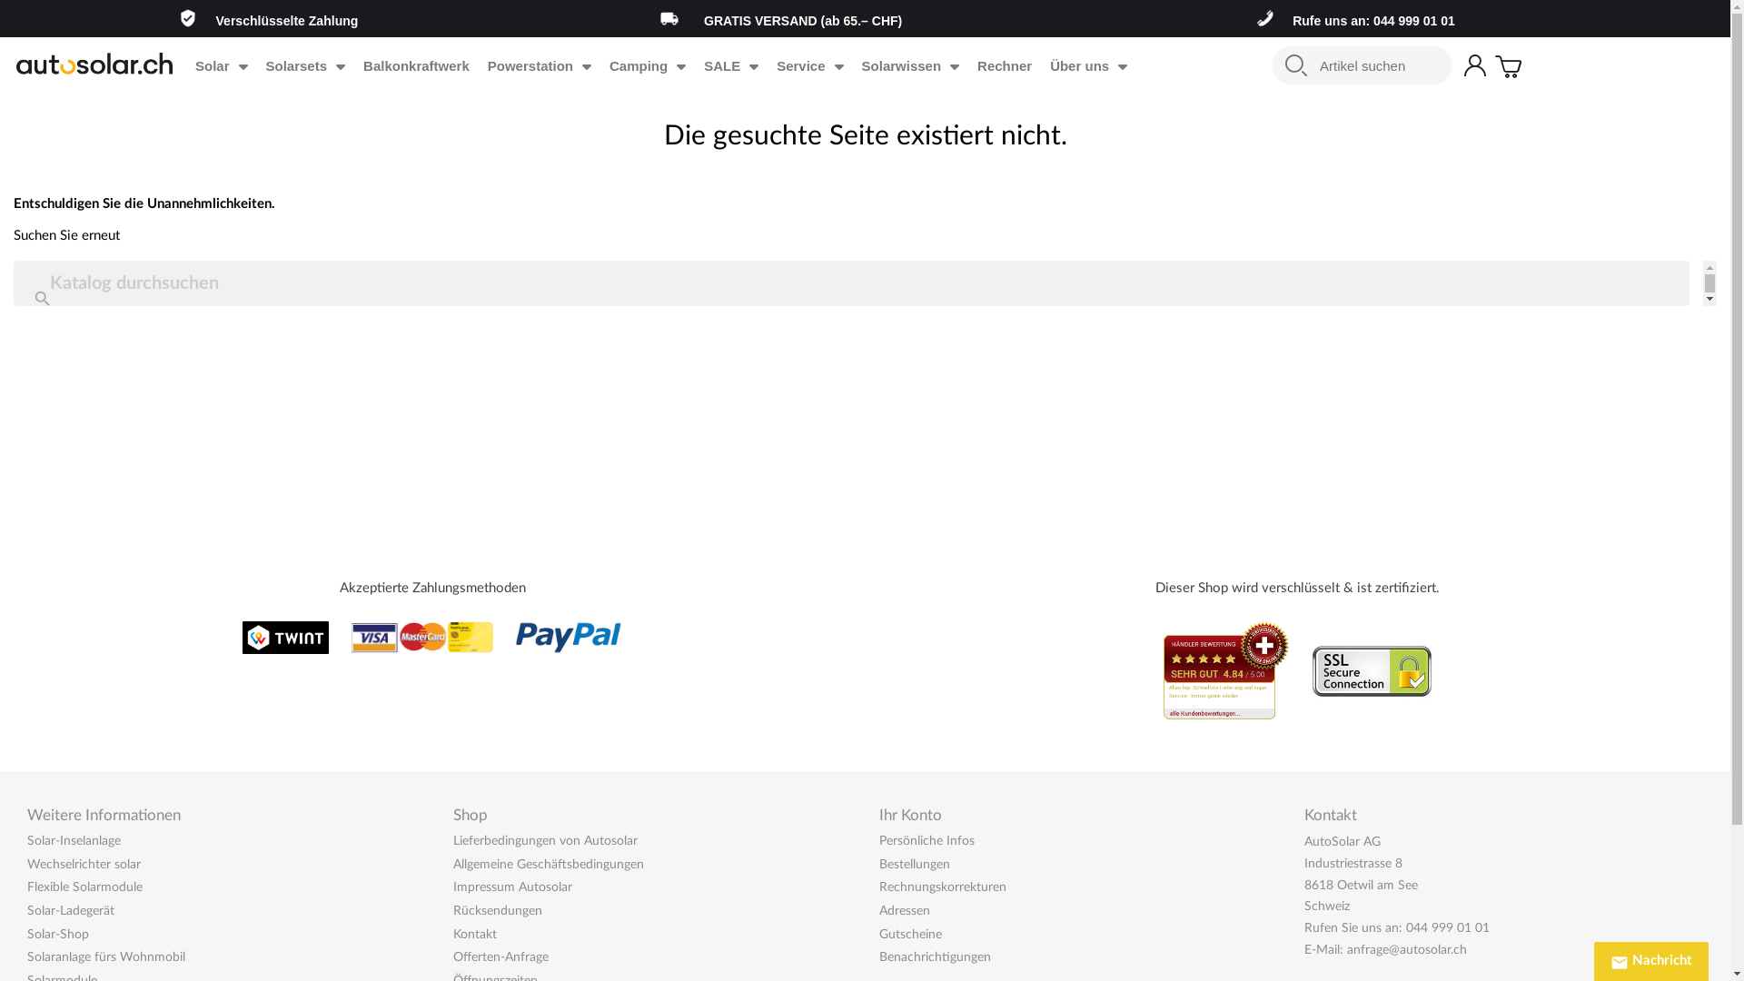 This screenshot has width=1744, height=981. What do you see at coordinates (879, 864) in the screenshot?
I see `'Bestellungen'` at bounding box center [879, 864].